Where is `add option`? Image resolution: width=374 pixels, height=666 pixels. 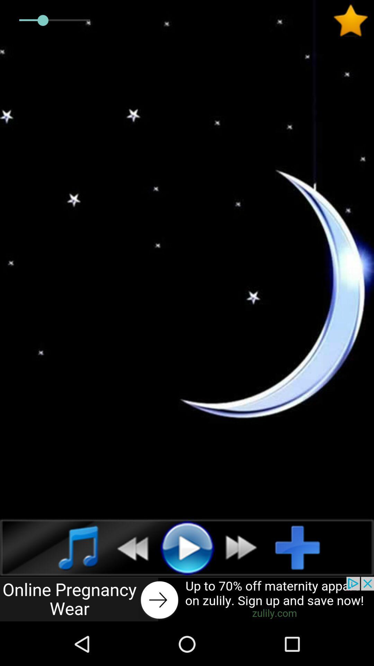 add option is located at coordinates (303, 547).